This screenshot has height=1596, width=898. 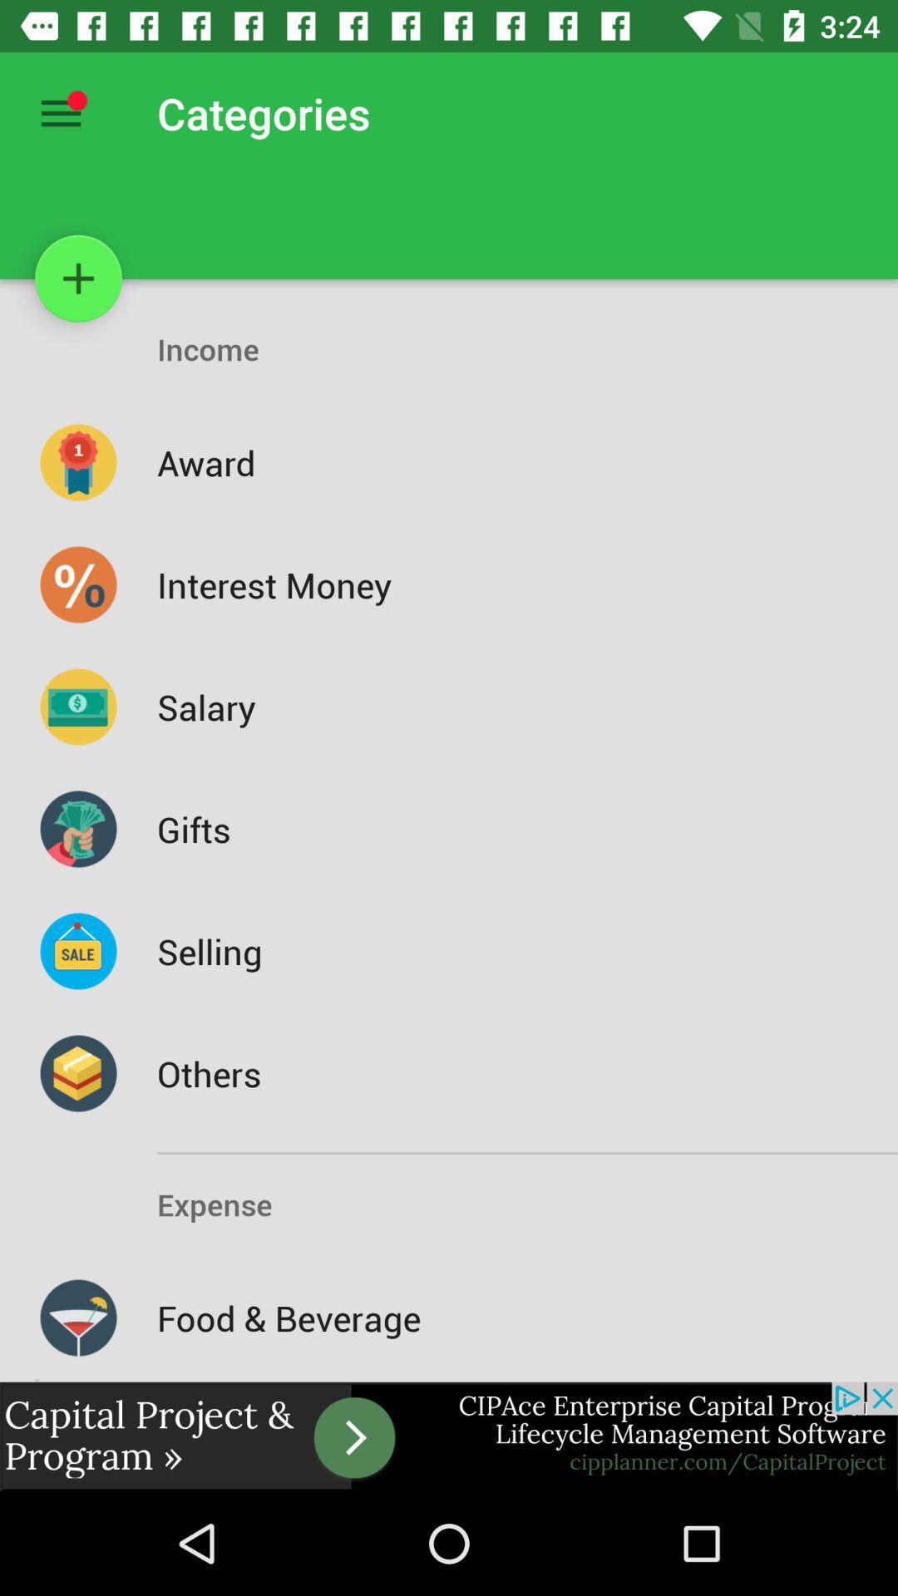 I want to click on menu options, so click(x=60, y=112).